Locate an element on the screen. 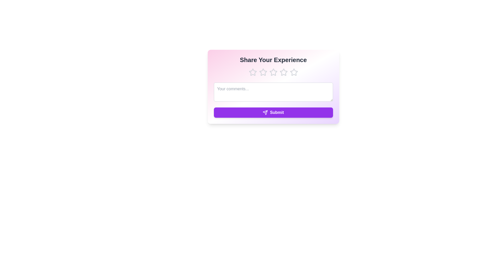 The image size is (493, 277). text displayed in the heading that says 'Share Your Experience', which is bold and centered at the top of the card with a gradient pink to purple background is located at coordinates (273, 60).